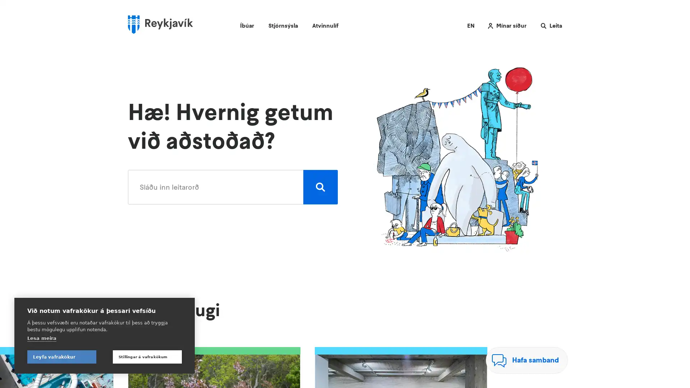 The height and width of the screenshot is (388, 690). What do you see at coordinates (147, 357) in the screenshot?
I see `Stillingar a vafrakokum` at bounding box center [147, 357].